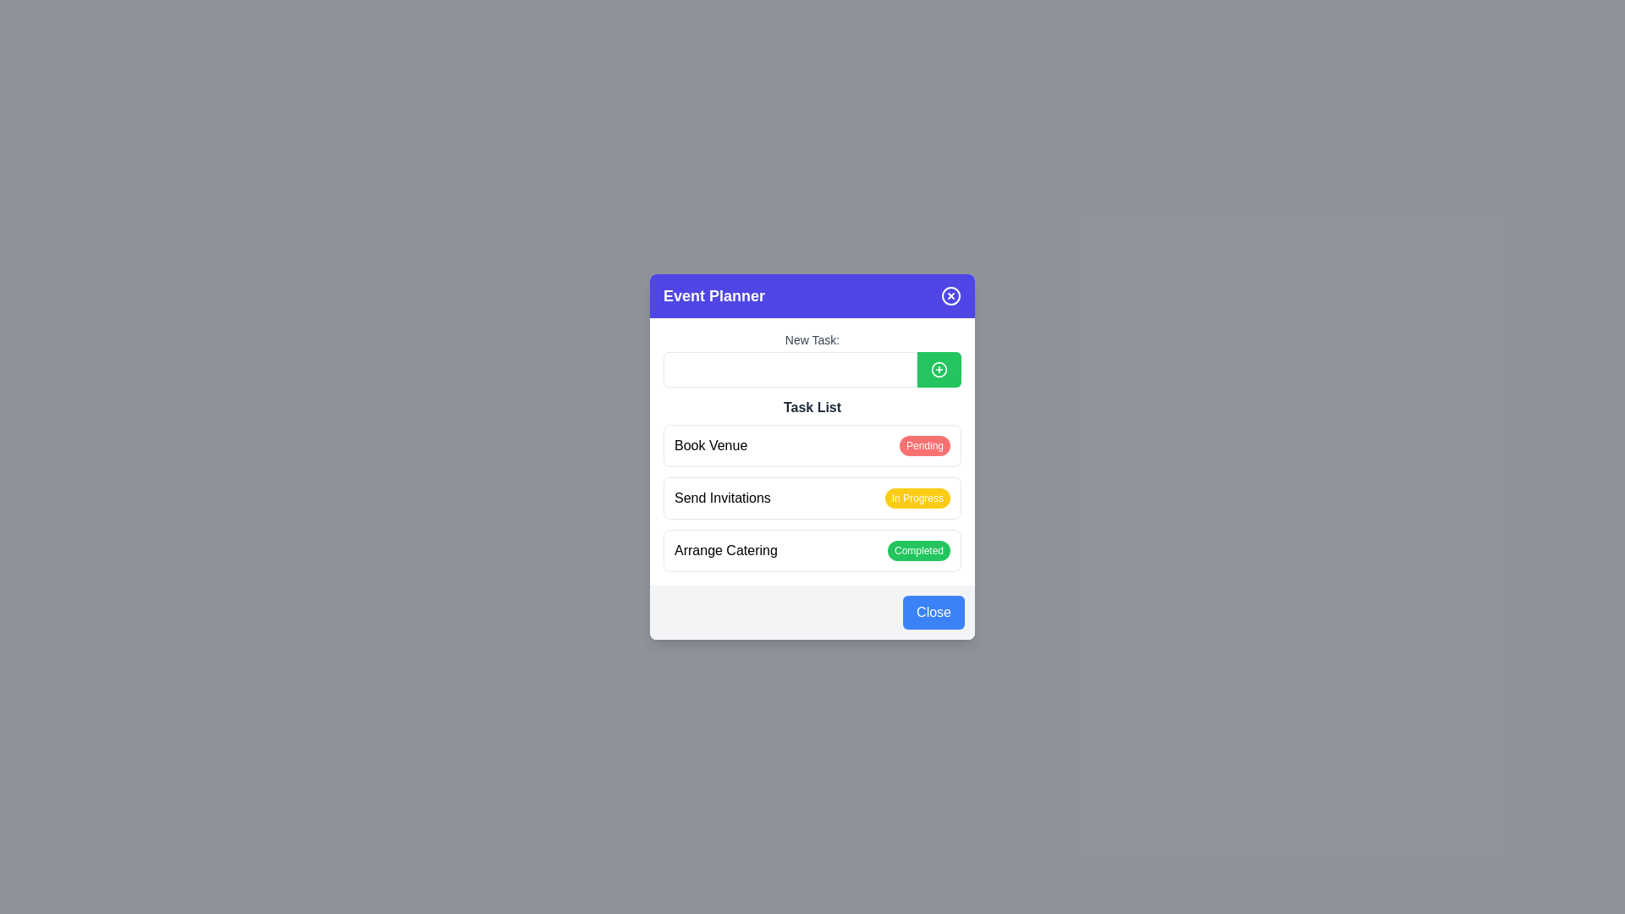 This screenshot has height=914, width=1625. Describe the element at coordinates (950, 295) in the screenshot. I see `the inner SVG Circle that is part of the 'X' icon in the top-right corner of the 'Event Planner' modal header` at that location.